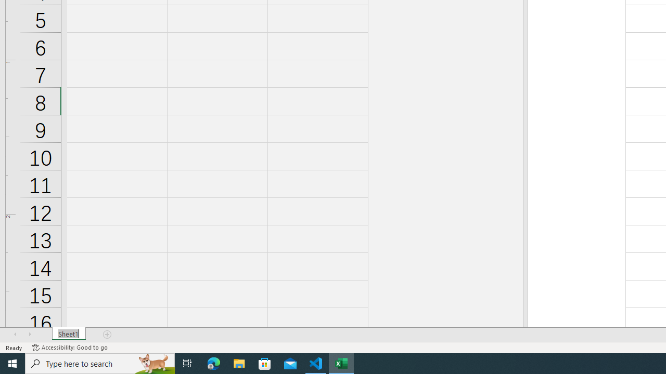  Describe the element at coordinates (68, 335) in the screenshot. I see `'Sheet Tab'` at that location.